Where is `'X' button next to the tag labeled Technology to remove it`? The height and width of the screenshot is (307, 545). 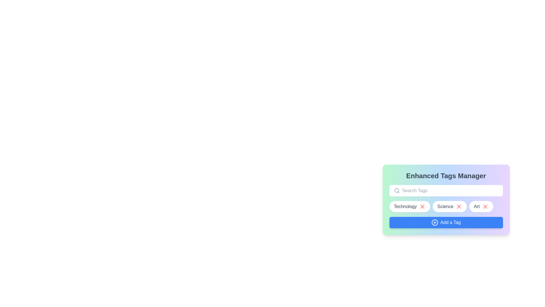
'X' button next to the tag labeled Technology to remove it is located at coordinates (422, 206).